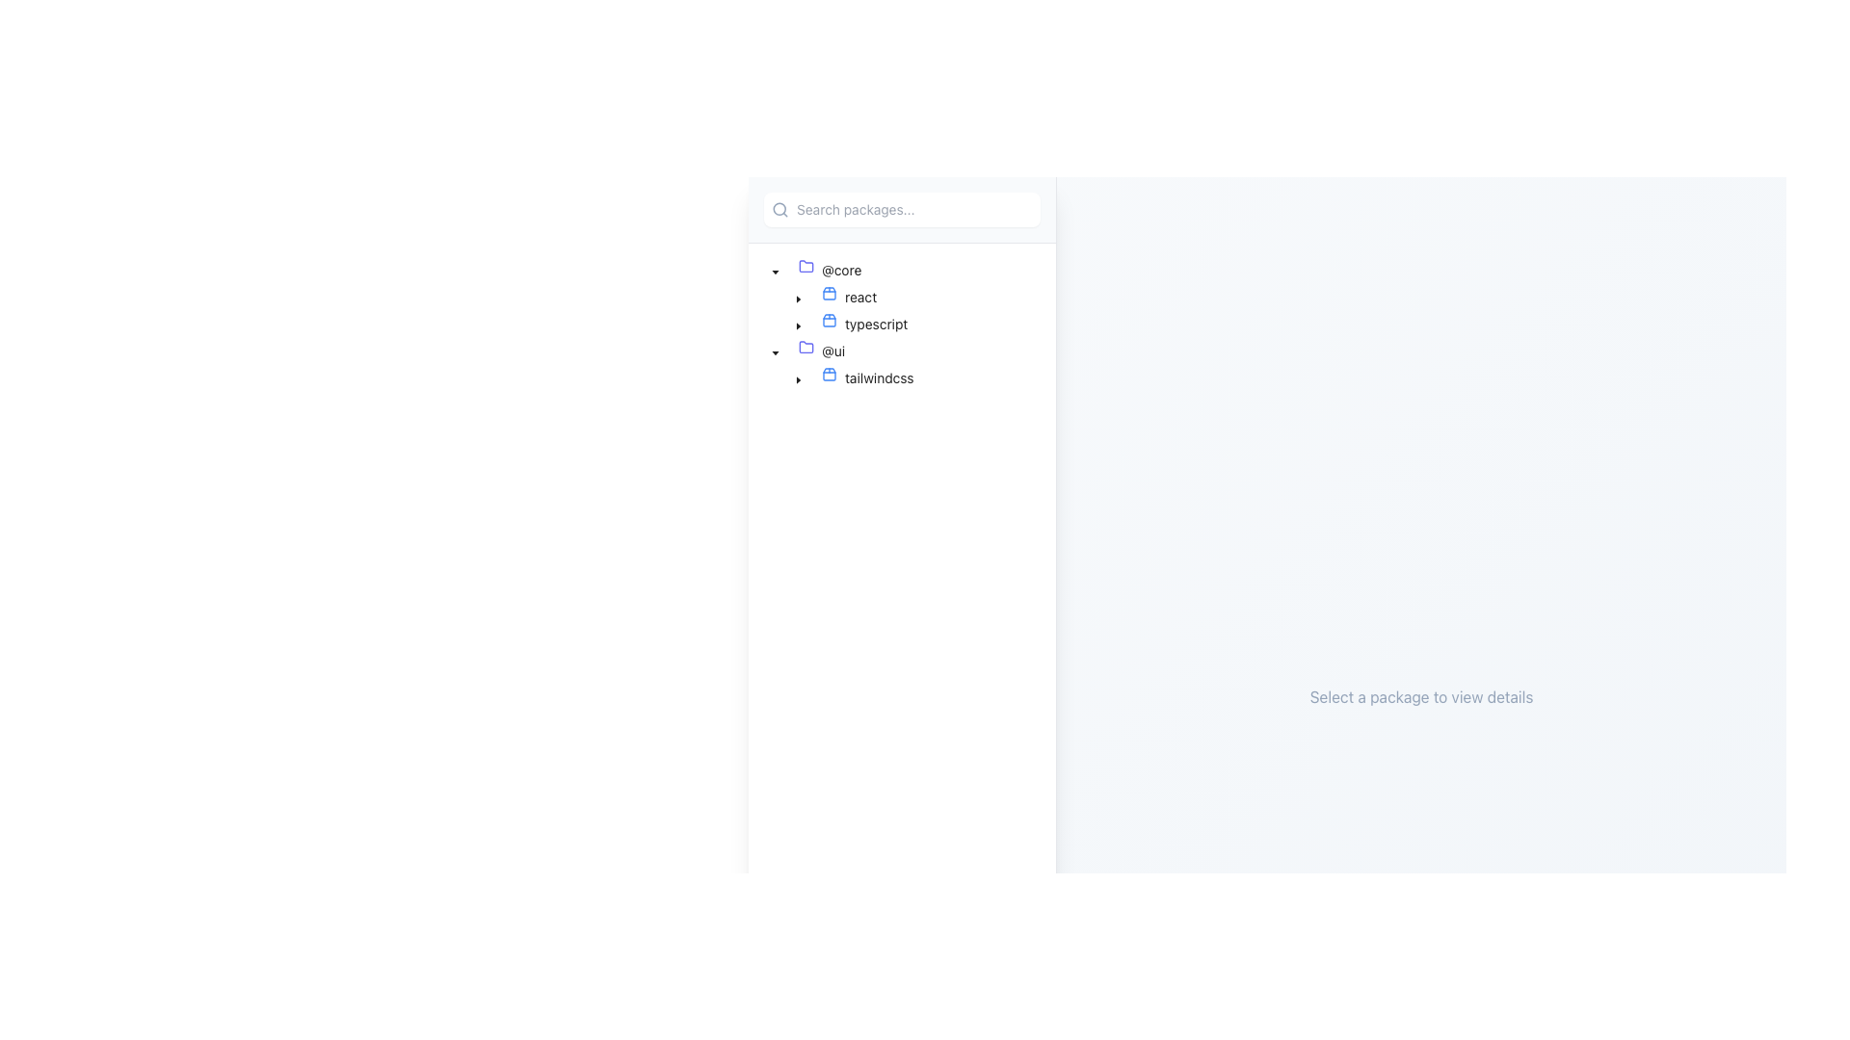  Describe the element at coordinates (859, 297) in the screenshot. I see `the text label 'react' in the tree view structure under the '@core' folder` at that location.